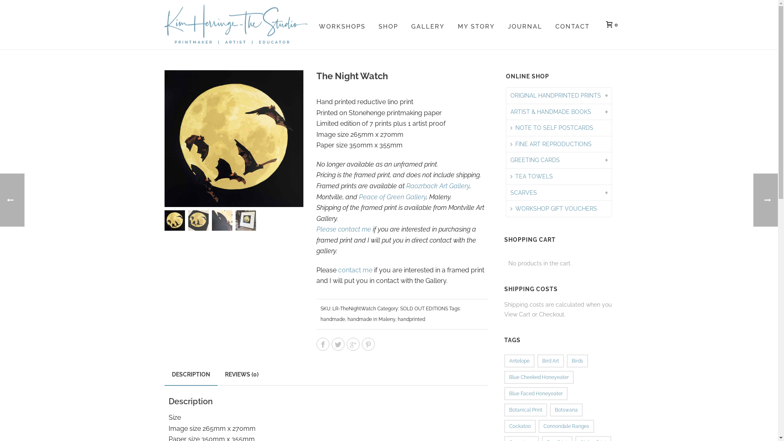 This screenshot has height=441, width=784. Describe the element at coordinates (506, 176) in the screenshot. I see `'TEA TOWELS'` at that location.